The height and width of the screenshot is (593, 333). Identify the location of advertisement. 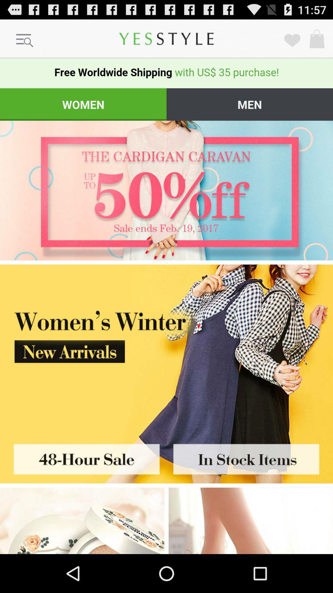
(83, 457).